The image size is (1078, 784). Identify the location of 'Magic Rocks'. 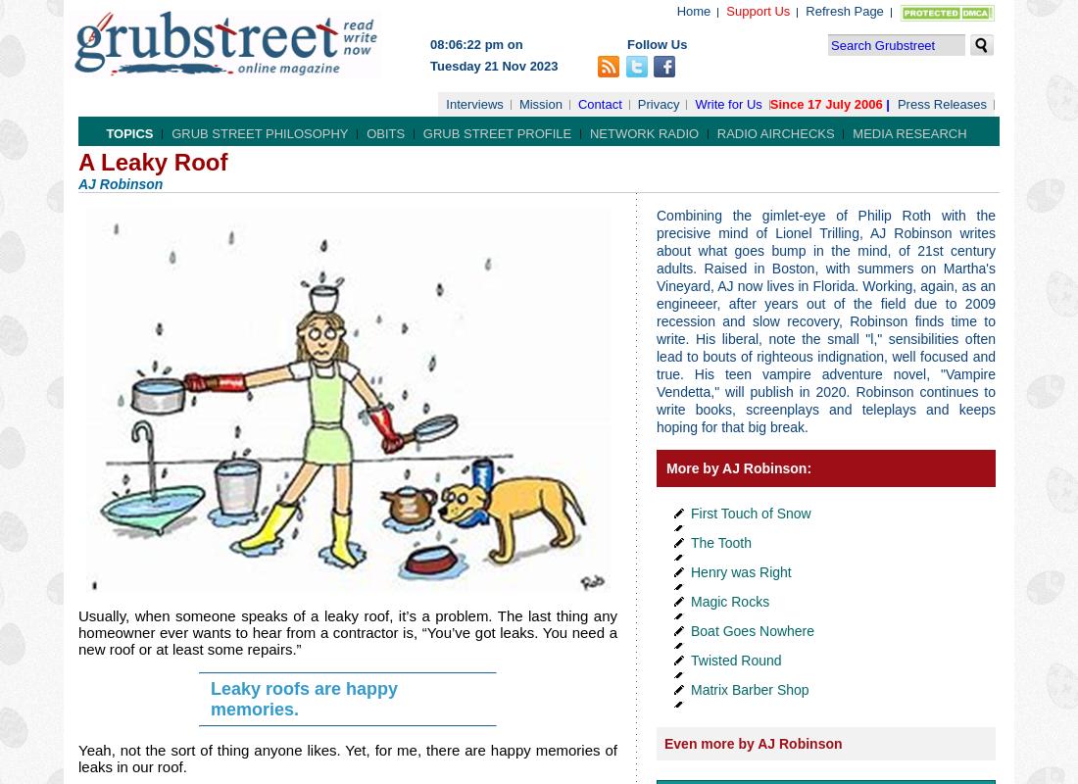
(729, 602).